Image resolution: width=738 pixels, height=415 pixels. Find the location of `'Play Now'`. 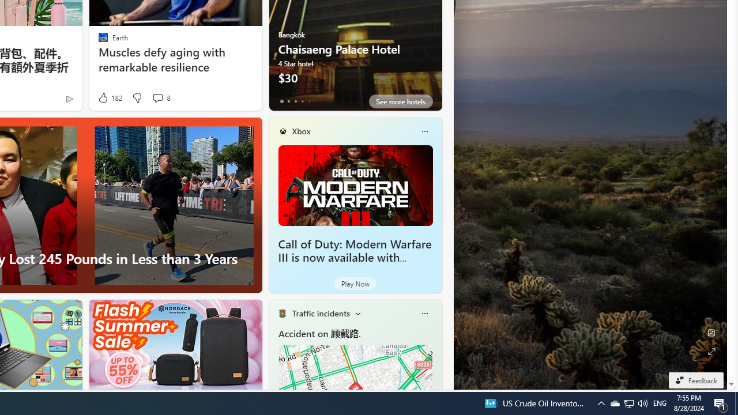

'Play Now' is located at coordinates (355, 284).